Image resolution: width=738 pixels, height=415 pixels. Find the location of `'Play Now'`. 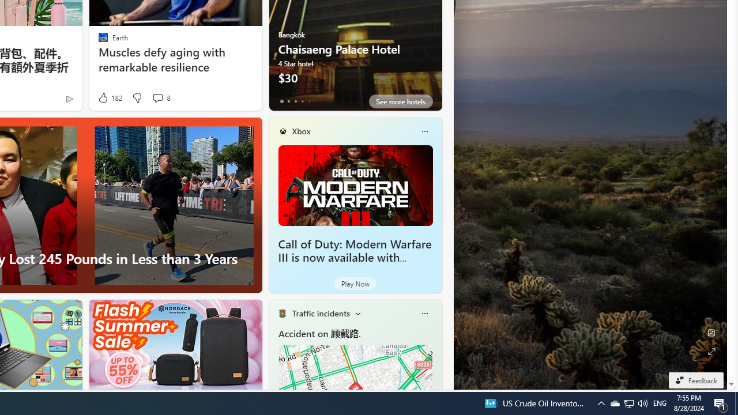

'Play Now' is located at coordinates (355, 284).